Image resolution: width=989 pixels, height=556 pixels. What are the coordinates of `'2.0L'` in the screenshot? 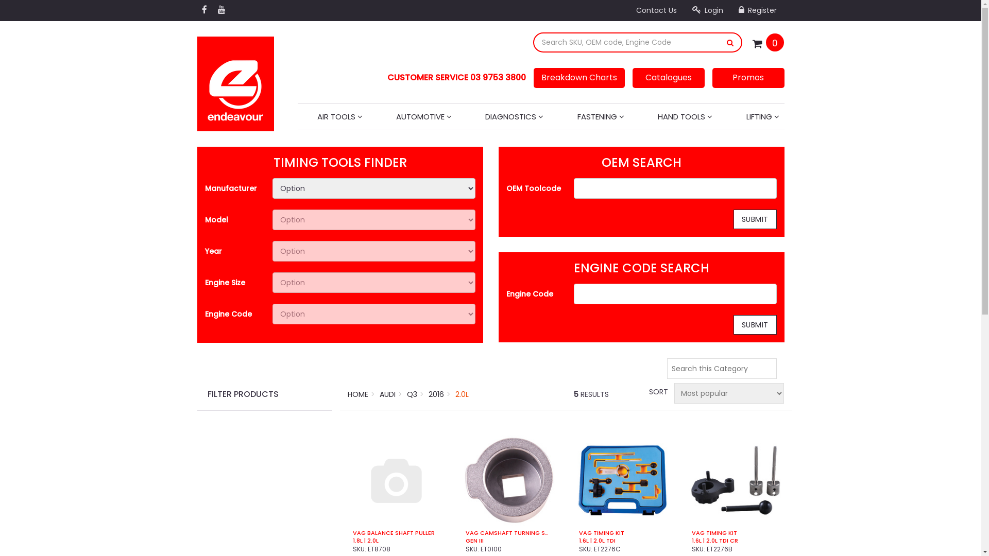 It's located at (462, 394).